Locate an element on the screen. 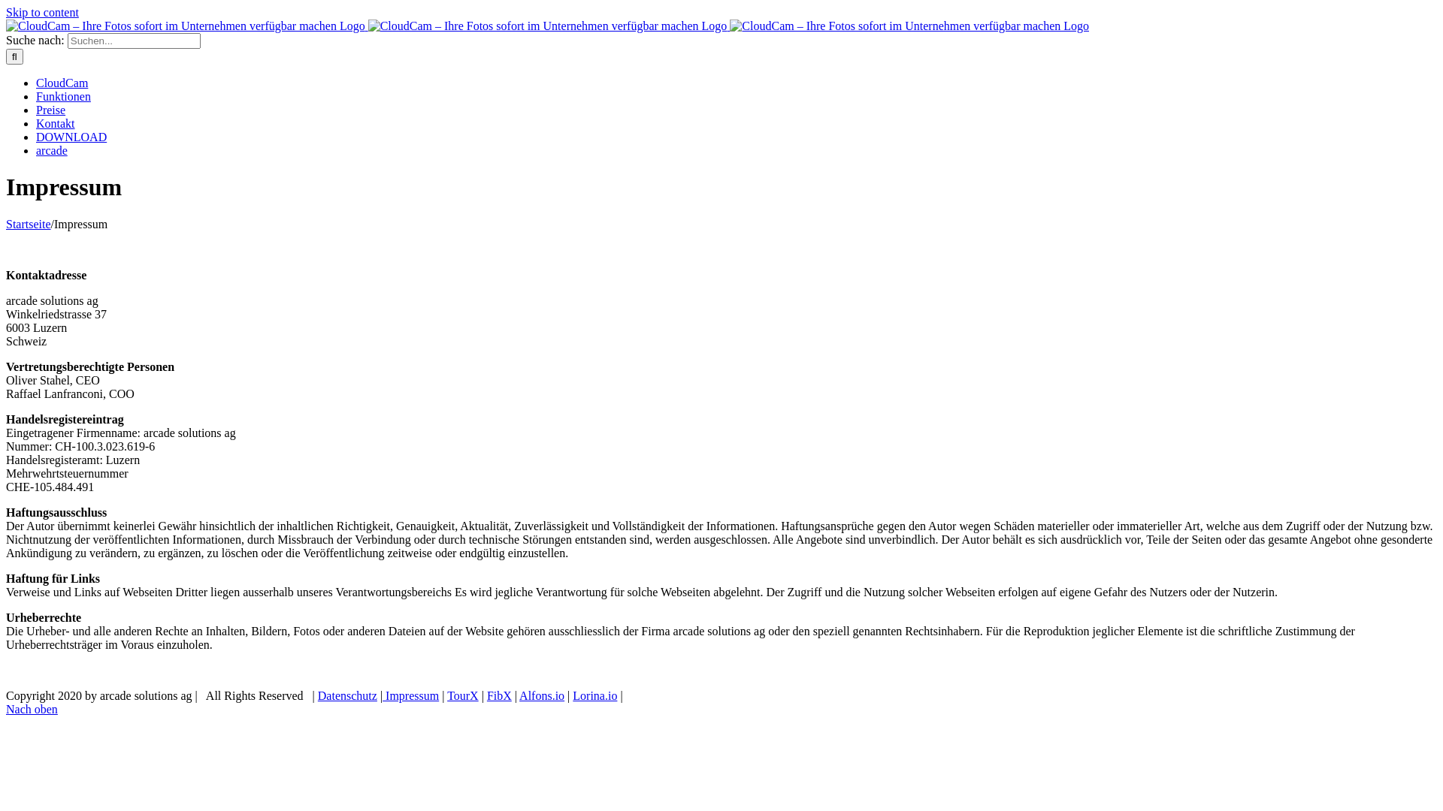 Image resolution: width=1443 pixels, height=811 pixels. 'Nach oben' is located at coordinates (32, 709).